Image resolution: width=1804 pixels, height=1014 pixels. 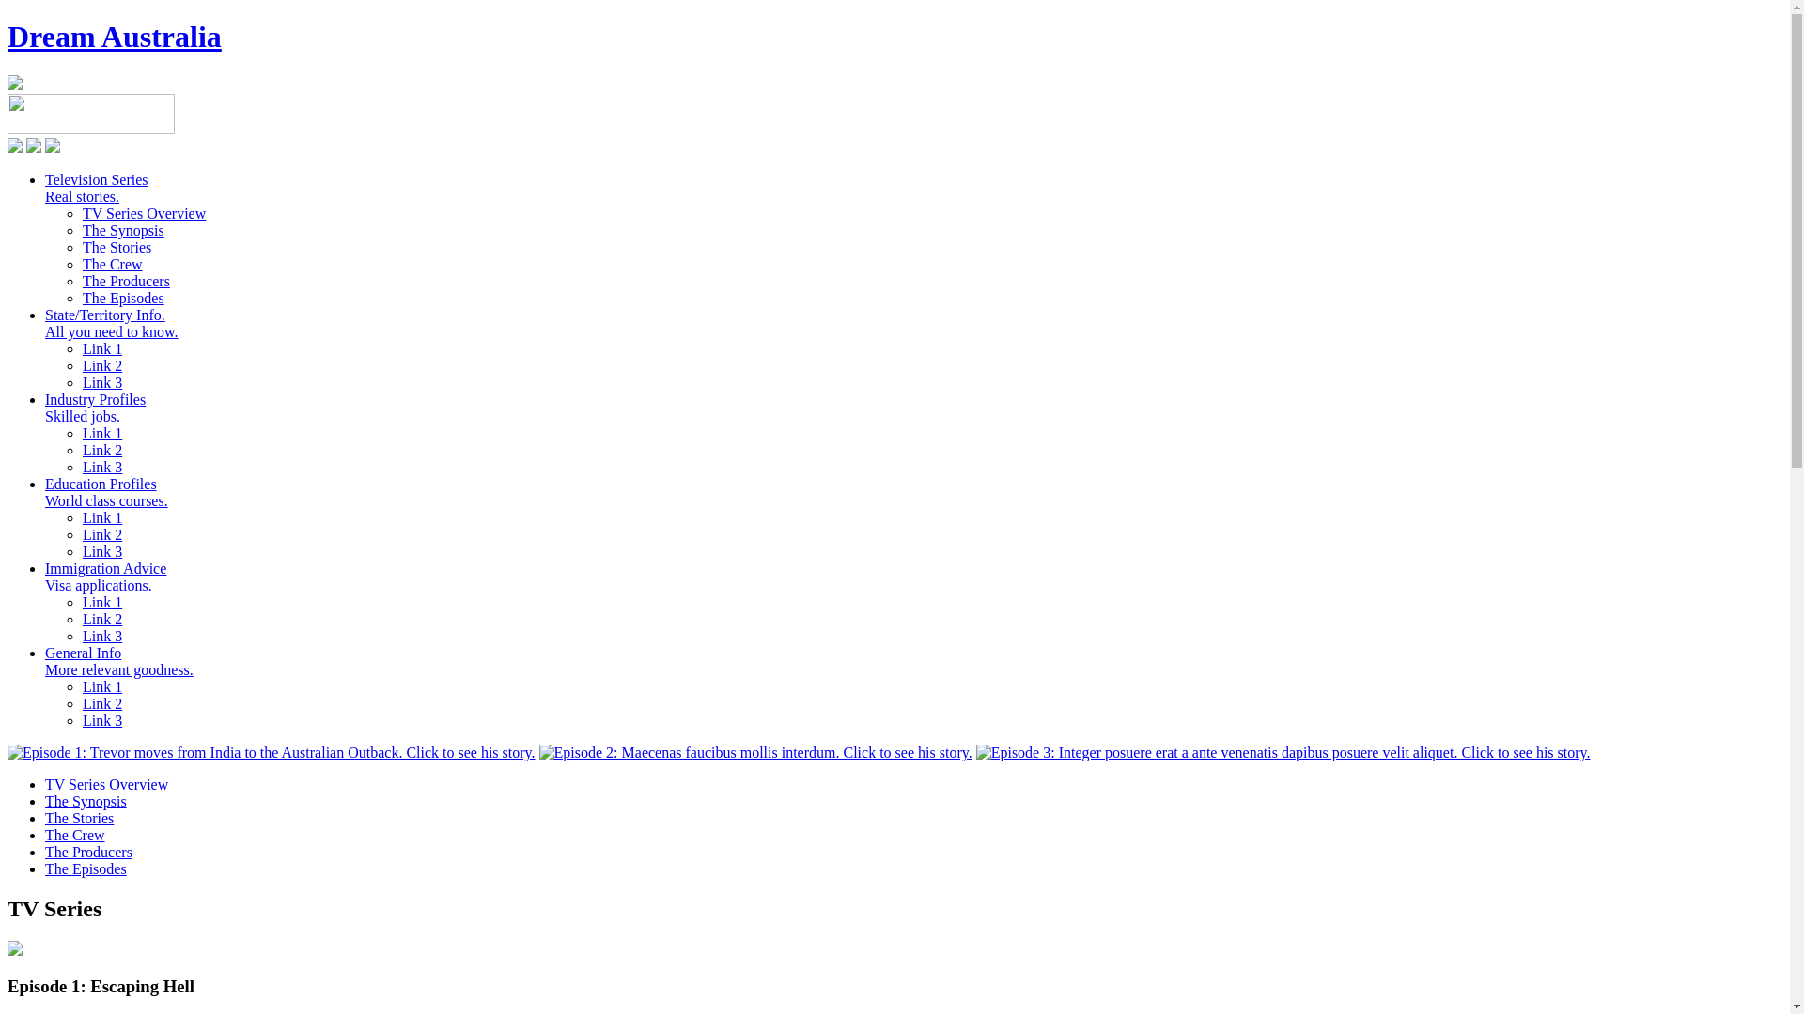 I want to click on 'The Synopsis', so click(x=122, y=229).